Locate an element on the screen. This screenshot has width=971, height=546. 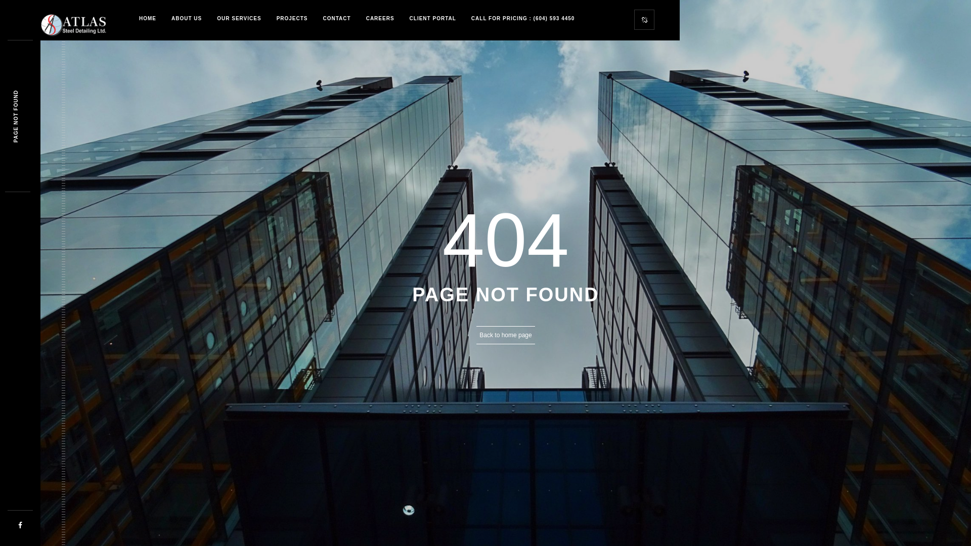
'Back to home page' is located at coordinates (505, 335).